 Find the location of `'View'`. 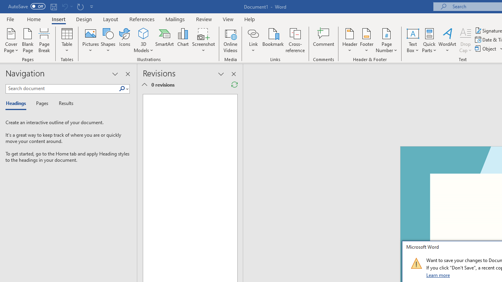

'View' is located at coordinates (228, 19).